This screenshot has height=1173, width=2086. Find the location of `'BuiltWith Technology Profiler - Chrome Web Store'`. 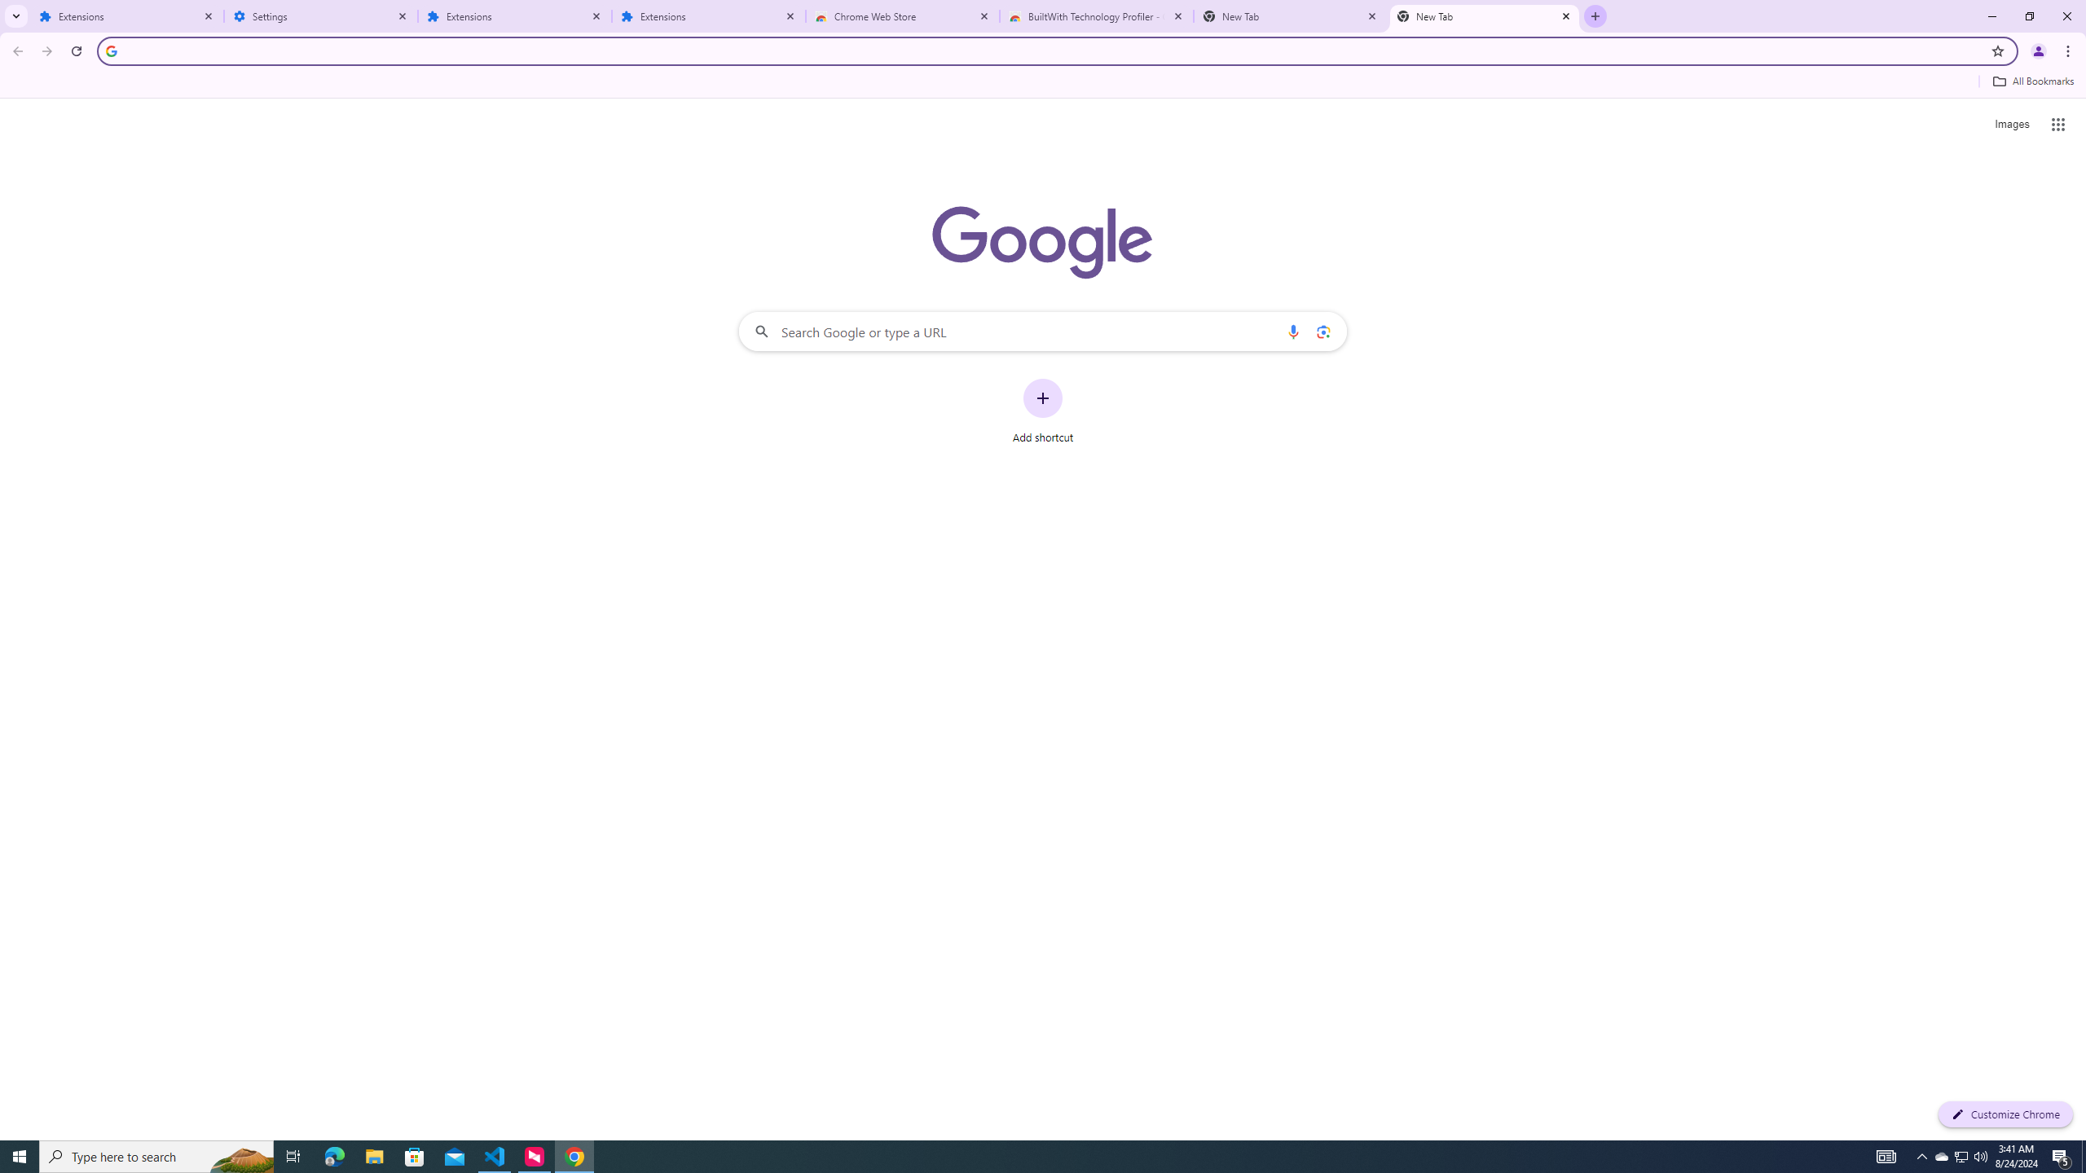

'BuiltWith Technology Profiler - Chrome Web Store' is located at coordinates (1096, 15).